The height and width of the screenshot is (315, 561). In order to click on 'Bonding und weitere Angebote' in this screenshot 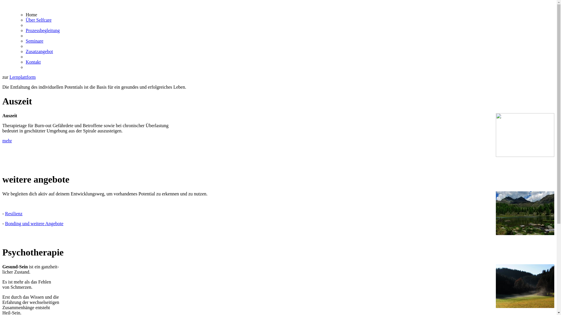, I will do `click(34, 223)`.